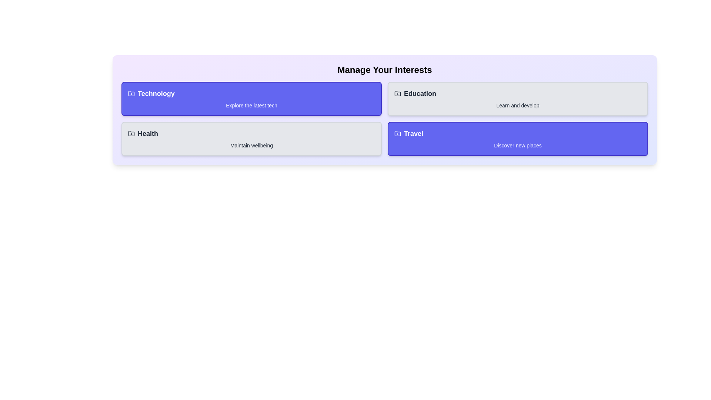 The height and width of the screenshot is (400, 711). Describe the element at coordinates (251, 98) in the screenshot. I see `the category Technology to toggle its active status` at that location.